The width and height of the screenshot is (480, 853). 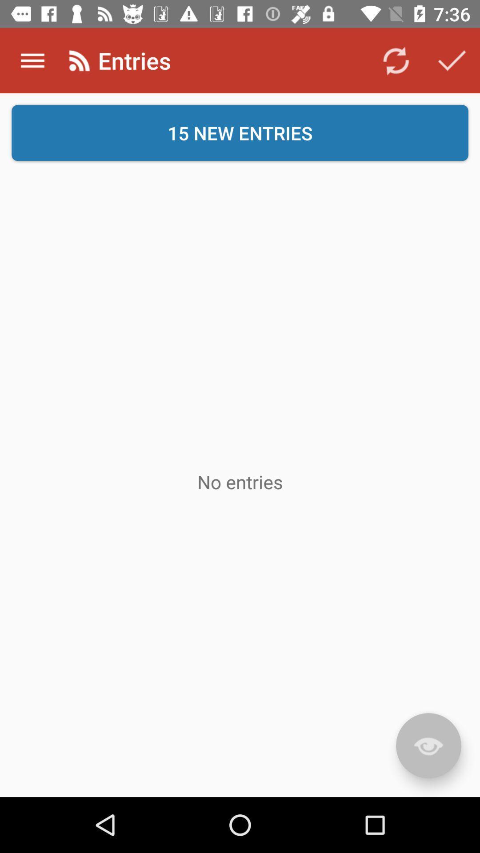 What do you see at coordinates (396, 60) in the screenshot?
I see `the app next to entries` at bounding box center [396, 60].